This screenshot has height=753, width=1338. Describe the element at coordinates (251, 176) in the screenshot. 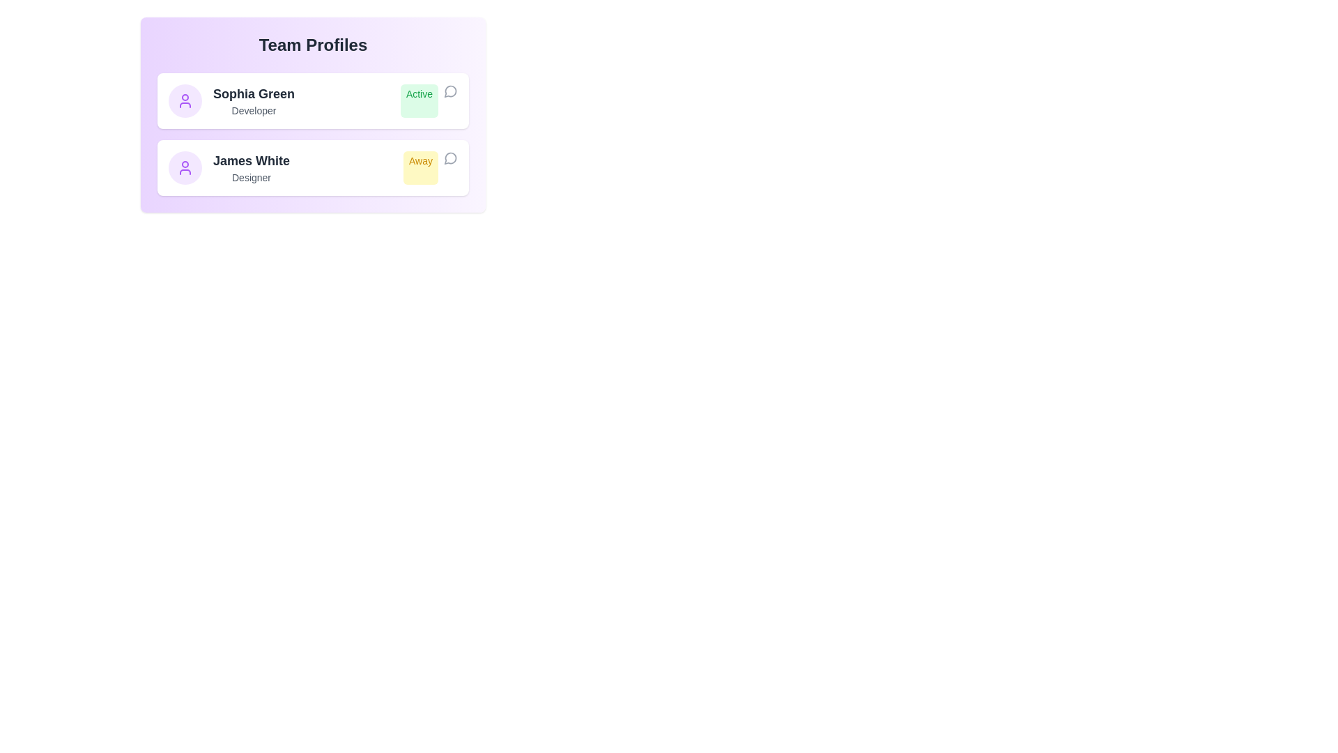

I see `the 'Designer' text label located below the name 'James White' in the profile card for additional context` at that location.